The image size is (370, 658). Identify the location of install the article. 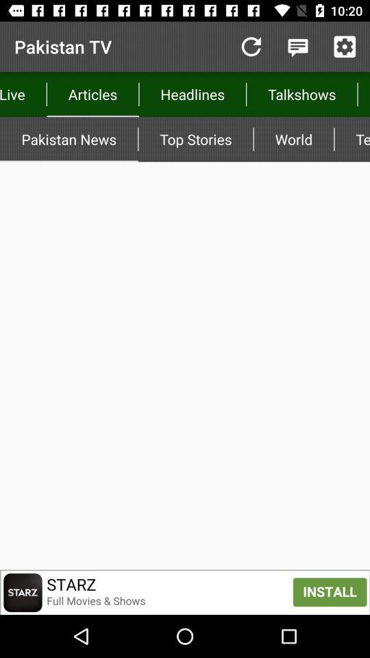
(185, 592).